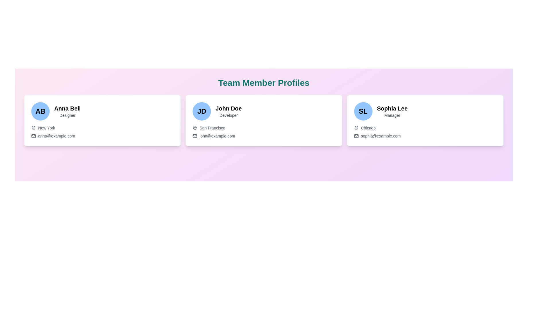 The height and width of the screenshot is (310, 551). I want to click on the small map pin icon located to the left of the text 'New York' within the card belonging to 'Anna Bell', so click(33, 128).